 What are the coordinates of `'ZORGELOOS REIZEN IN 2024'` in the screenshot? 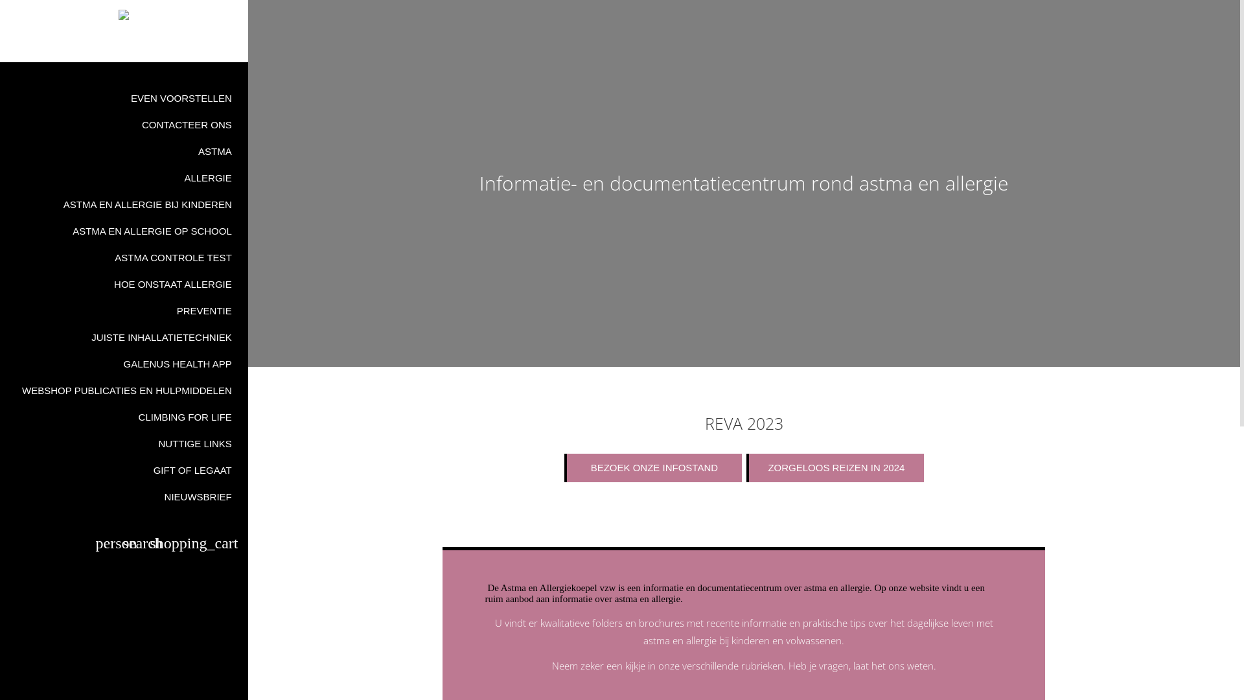 It's located at (835, 467).